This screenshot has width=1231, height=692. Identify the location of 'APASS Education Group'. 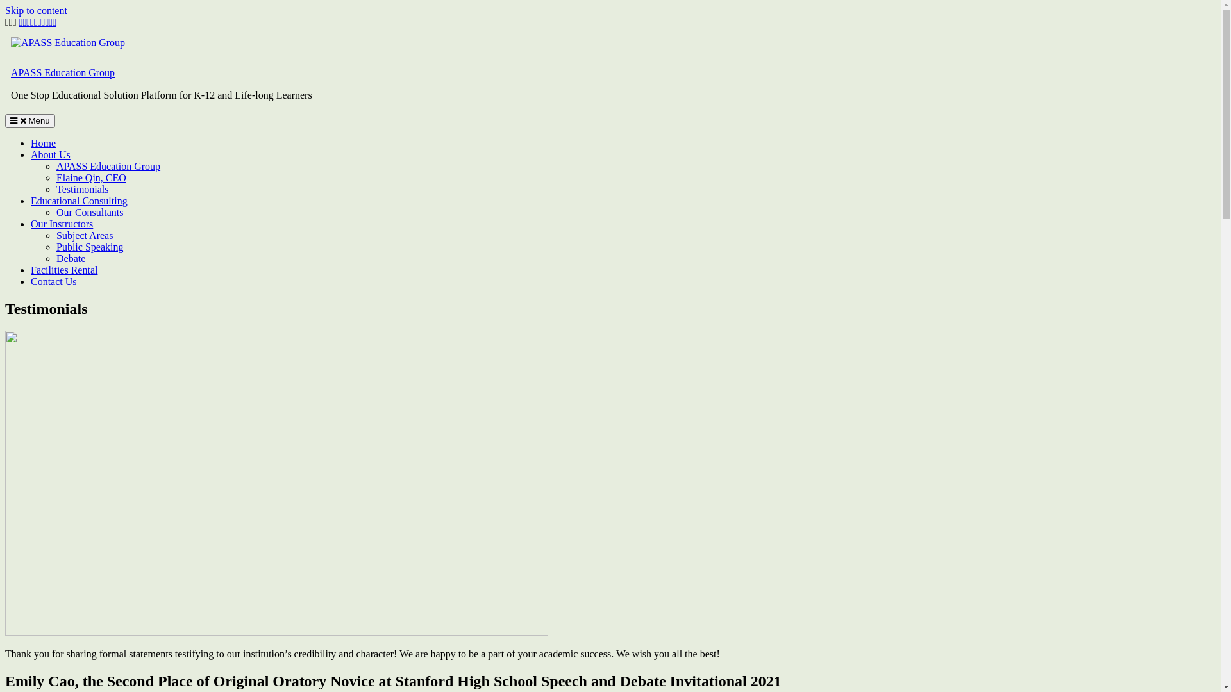
(62, 72).